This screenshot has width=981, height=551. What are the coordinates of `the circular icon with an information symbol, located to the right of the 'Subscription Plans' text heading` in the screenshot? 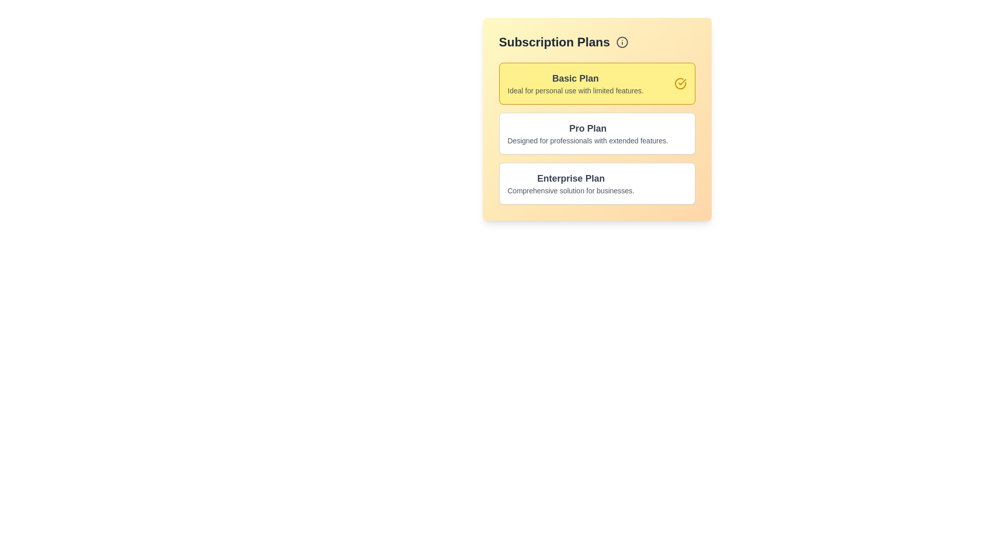 It's located at (621, 42).